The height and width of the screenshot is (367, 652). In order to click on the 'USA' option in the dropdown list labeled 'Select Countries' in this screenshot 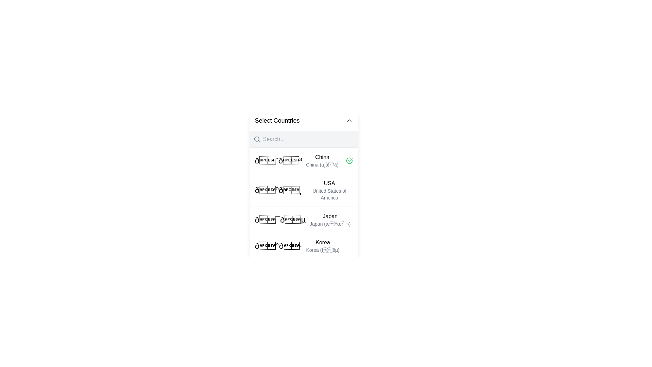, I will do `click(303, 199)`.